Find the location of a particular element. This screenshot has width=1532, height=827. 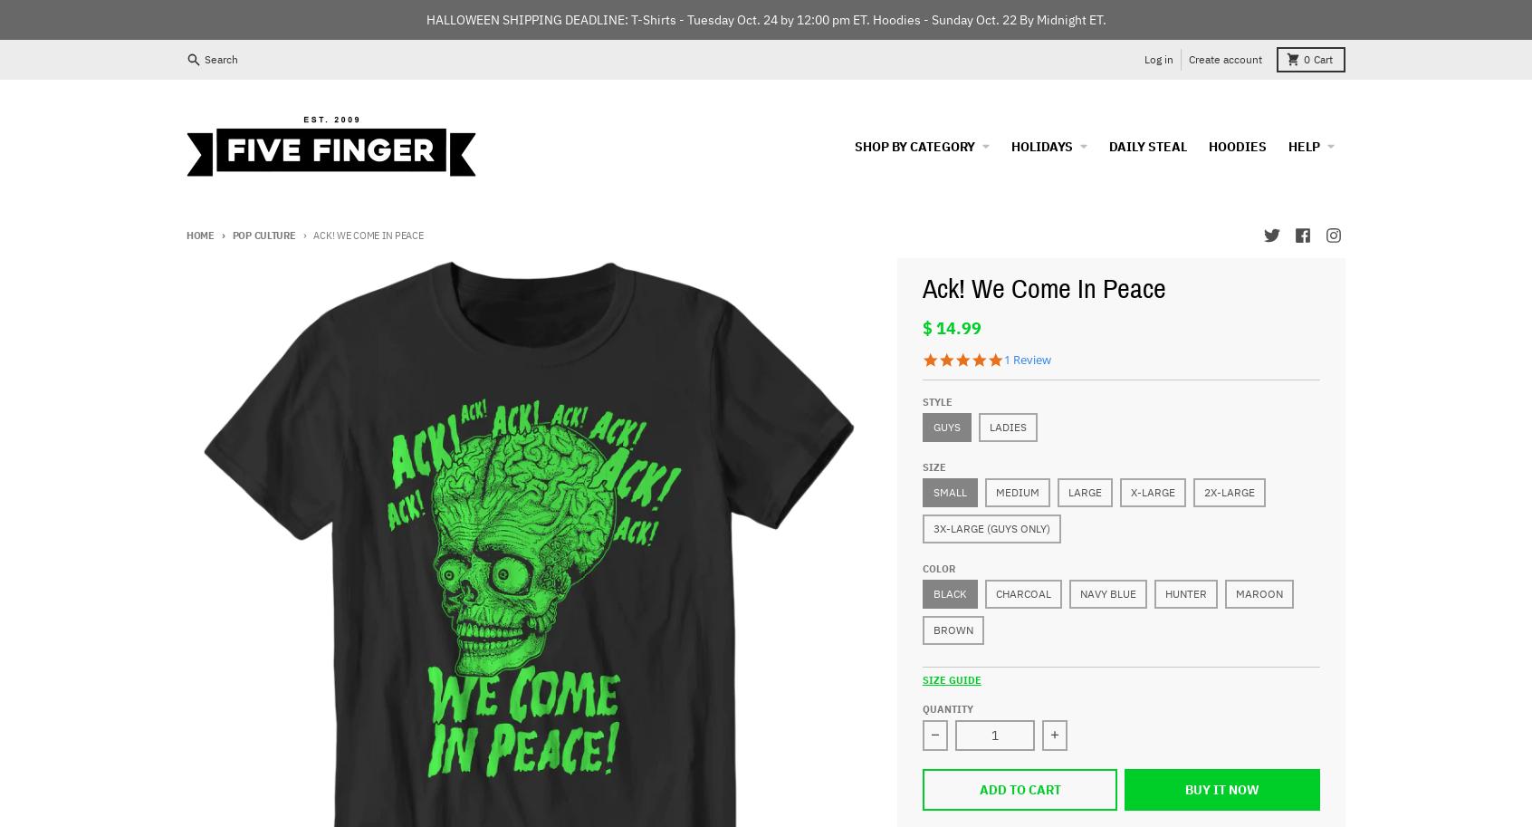

'Black' is located at coordinates (948, 591).